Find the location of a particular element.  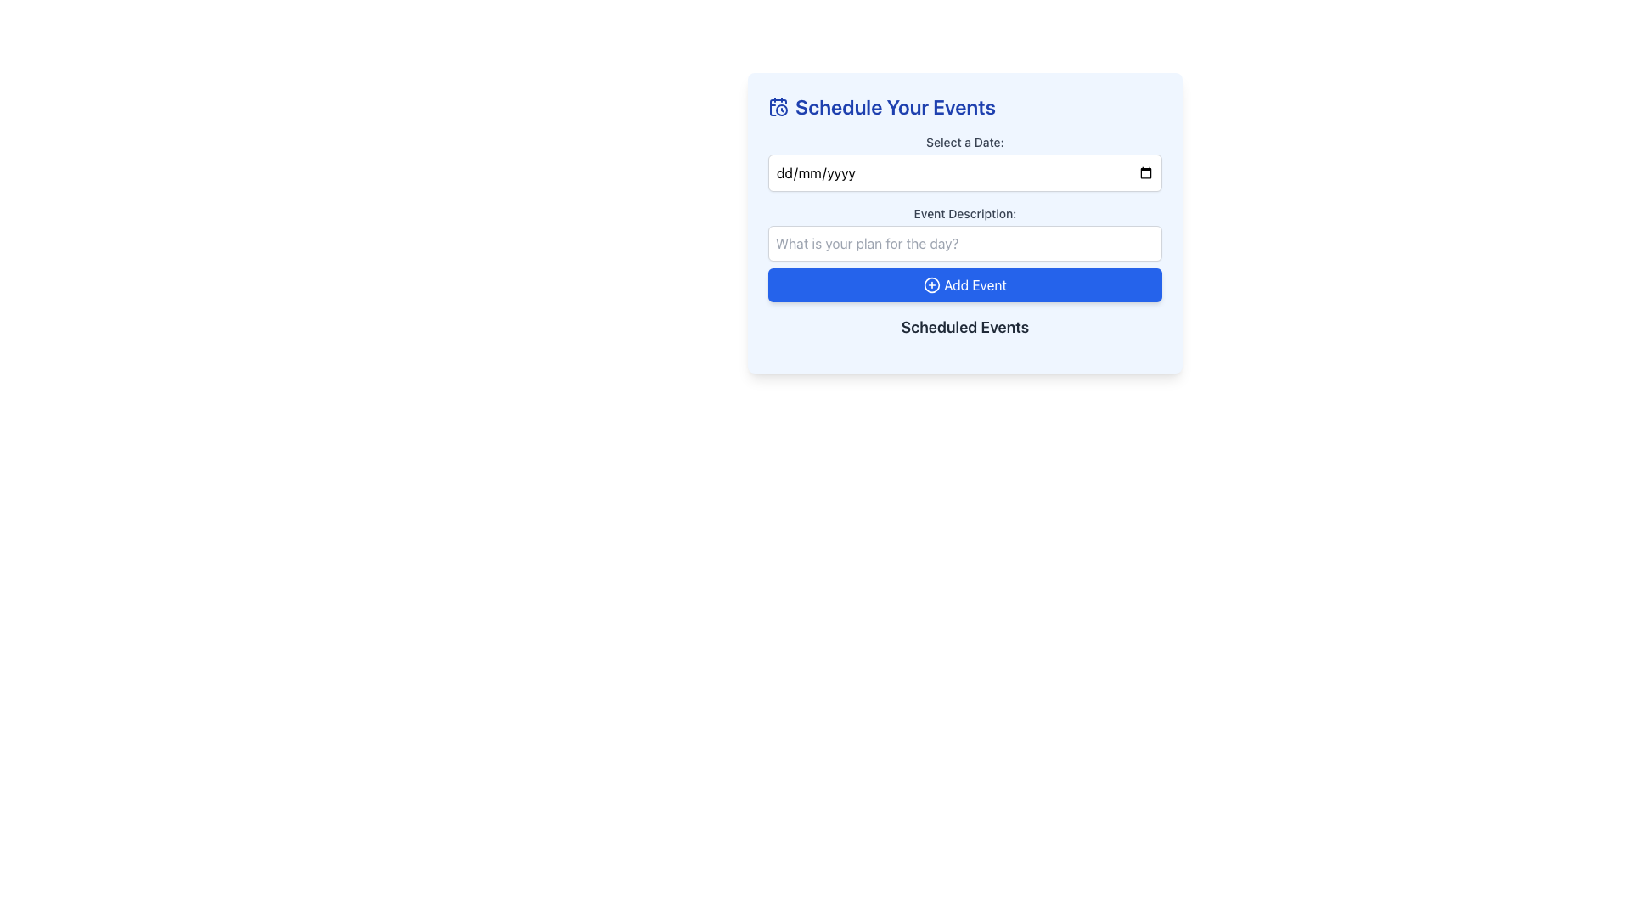

the circular icon with a plus sign located within the blue 'Add Event' button is located at coordinates (931, 284).